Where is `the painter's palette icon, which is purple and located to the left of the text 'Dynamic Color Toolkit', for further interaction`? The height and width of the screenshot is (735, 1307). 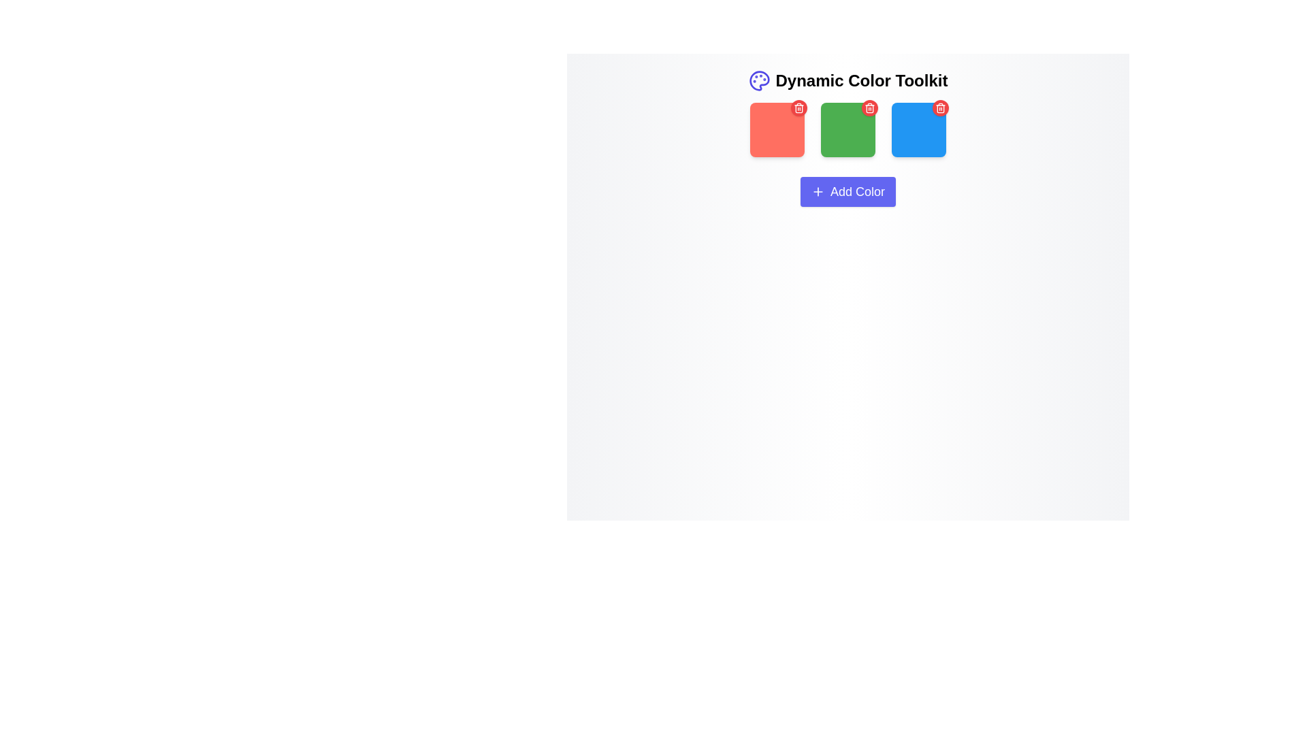
the painter's palette icon, which is purple and located to the left of the text 'Dynamic Color Toolkit', for further interaction is located at coordinates (758, 81).